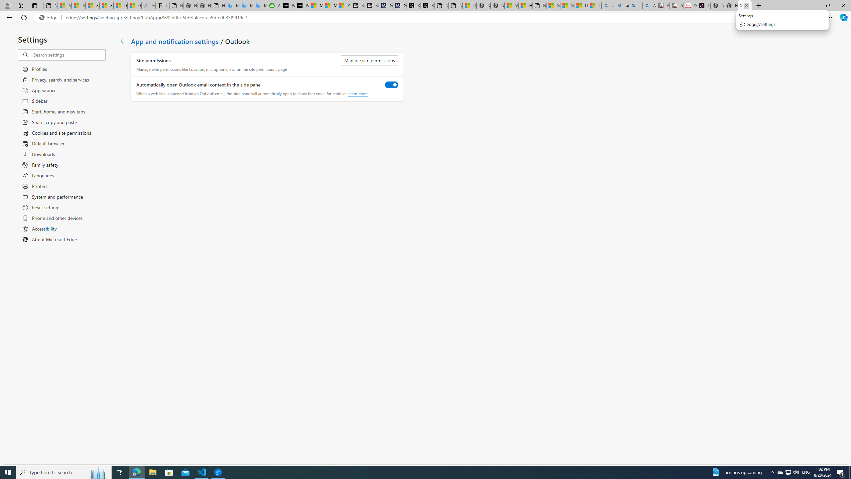 This screenshot has height=479, width=851. Describe the element at coordinates (260, 5) in the screenshot. I see `'Microsoft Bing Travel - Shangri-La Hotel Bangkok'` at that location.